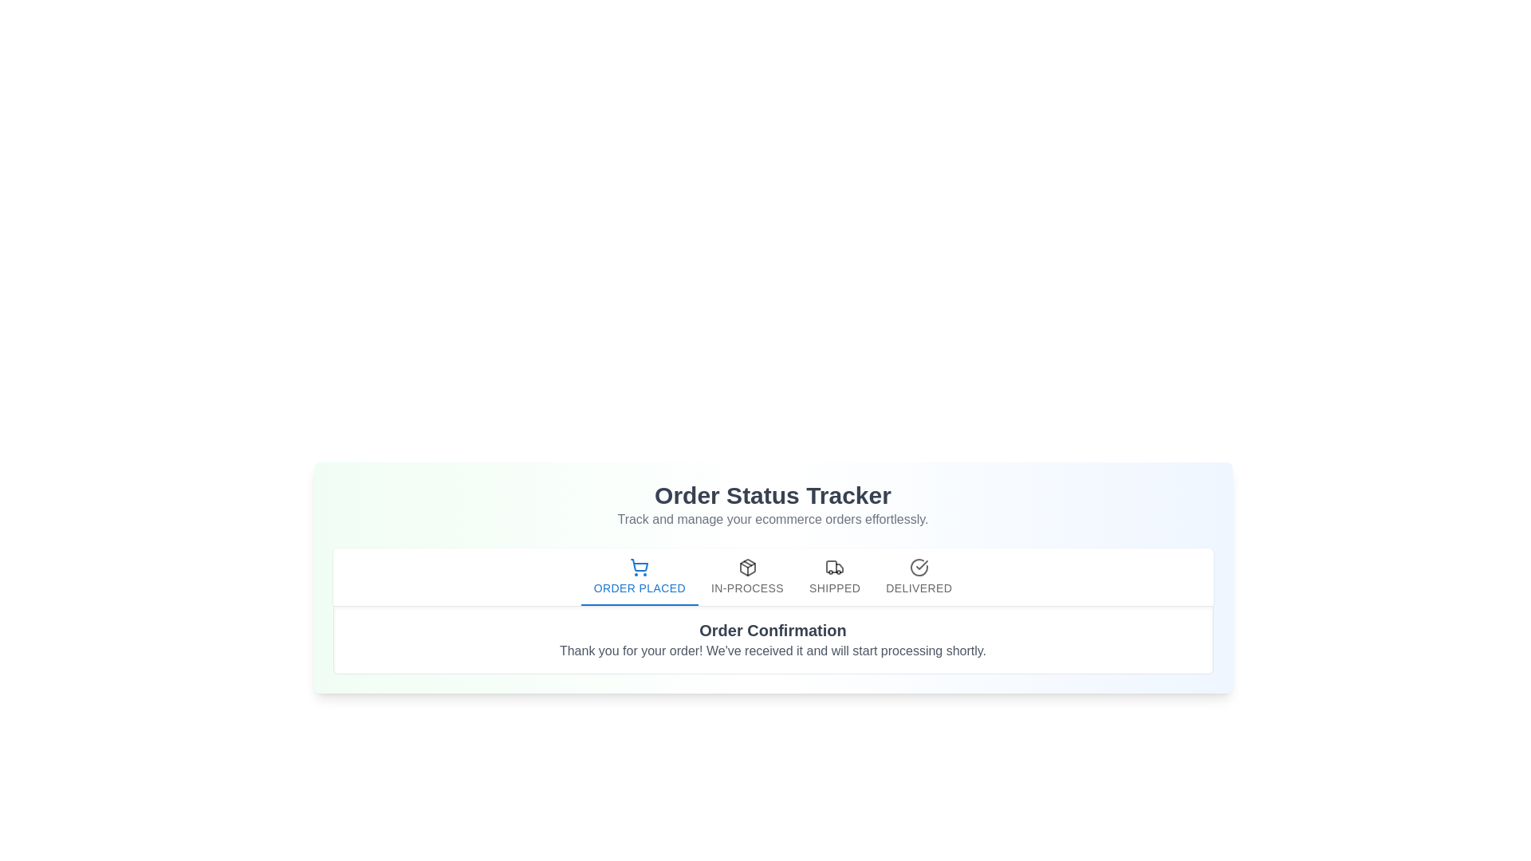  I want to click on the shopping cart icon in the 'Order Placed' tab, which is highlighted and positioned above its corresponding text, so click(640, 567).